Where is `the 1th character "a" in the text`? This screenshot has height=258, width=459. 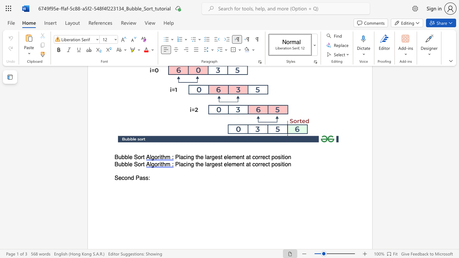
the 1th character "a" in the text is located at coordinates (182, 164).